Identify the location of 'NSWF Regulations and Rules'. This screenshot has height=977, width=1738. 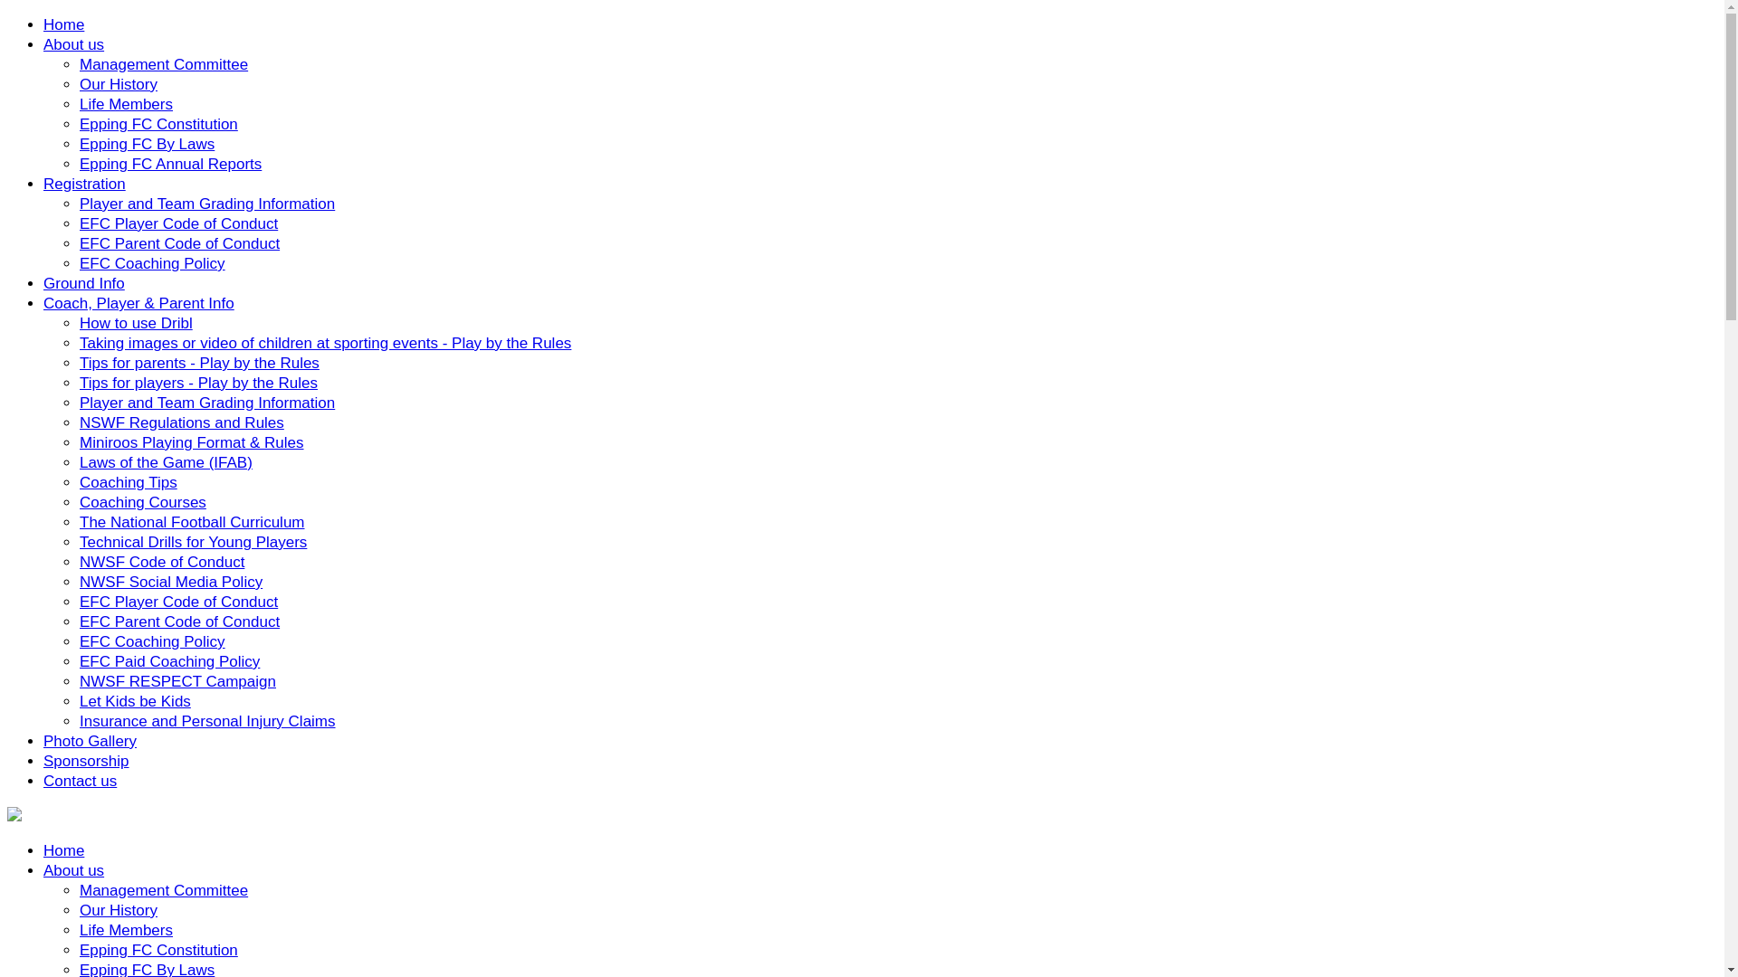
(182, 422).